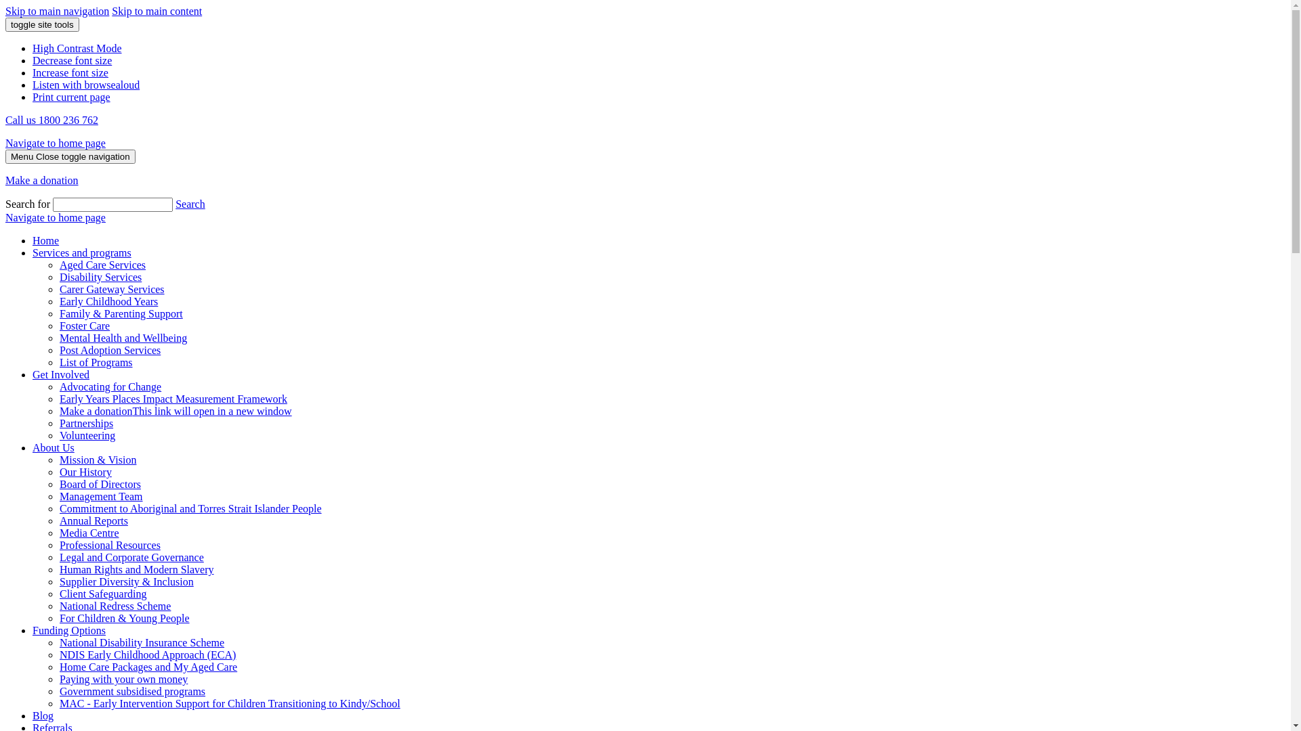  What do you see at coordinates (5, 24) in the screenshot?
I see `'toggle site tools'` at bounding box center [5, 24].